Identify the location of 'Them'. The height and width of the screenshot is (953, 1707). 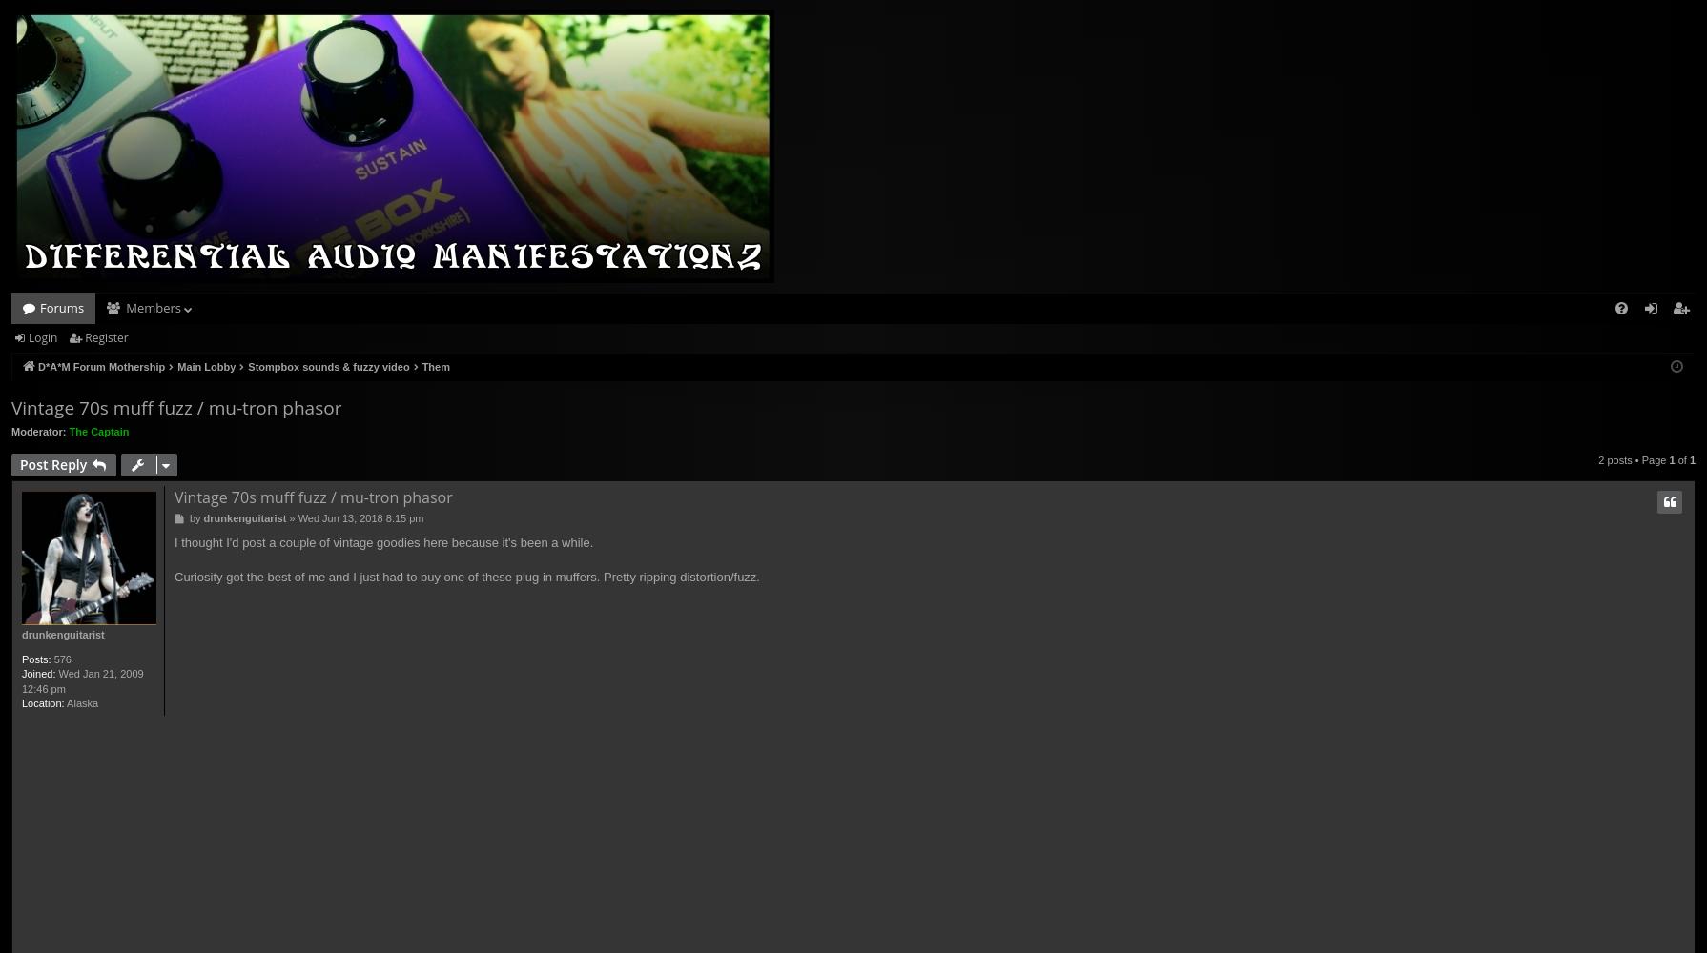
(434, 367).